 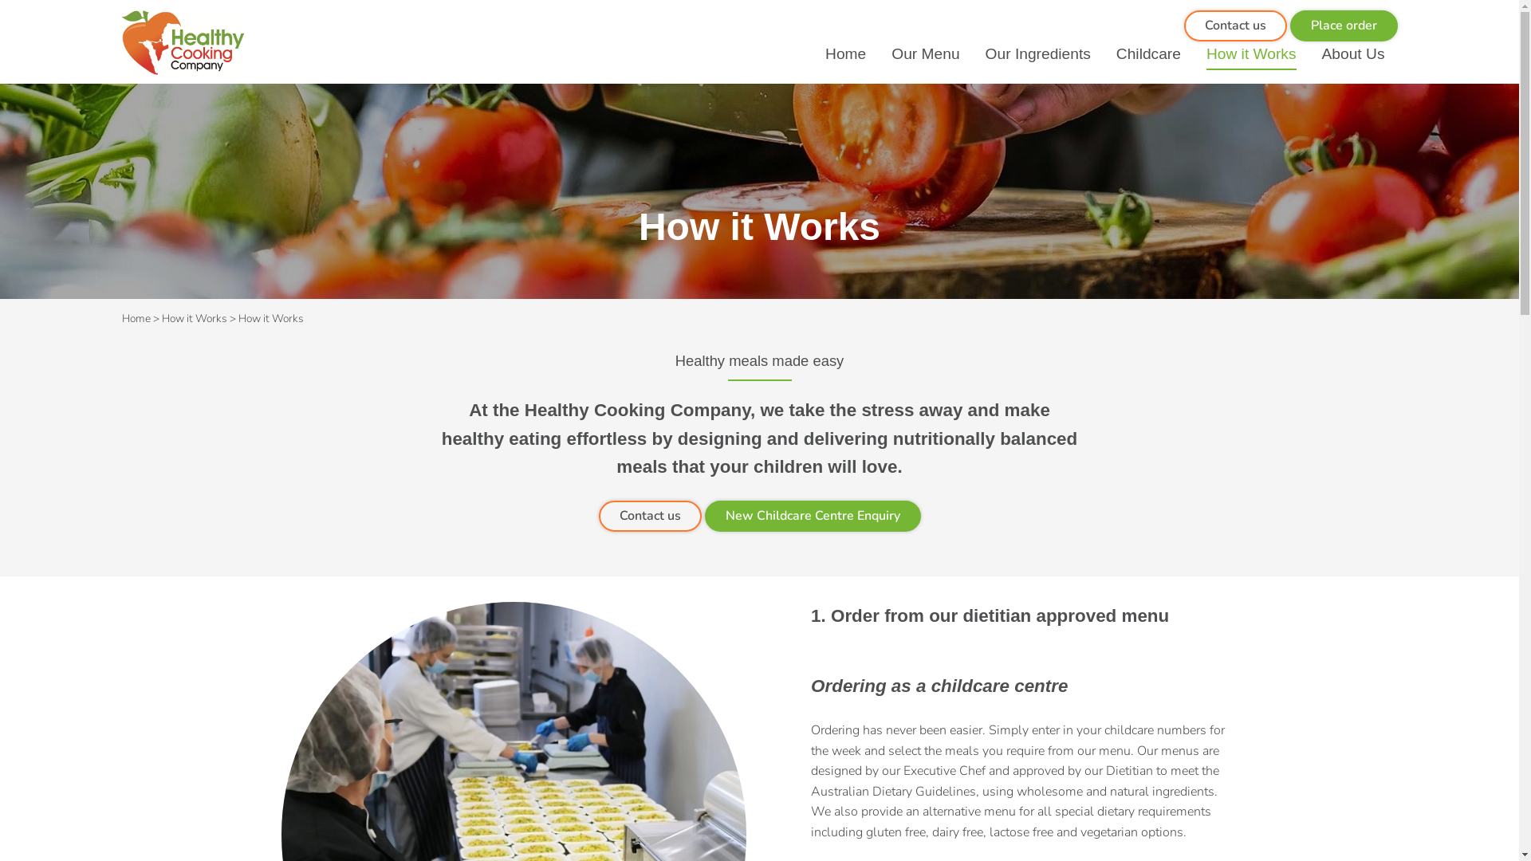 I want to click on 'Contact us', so click(x=649, y=516).